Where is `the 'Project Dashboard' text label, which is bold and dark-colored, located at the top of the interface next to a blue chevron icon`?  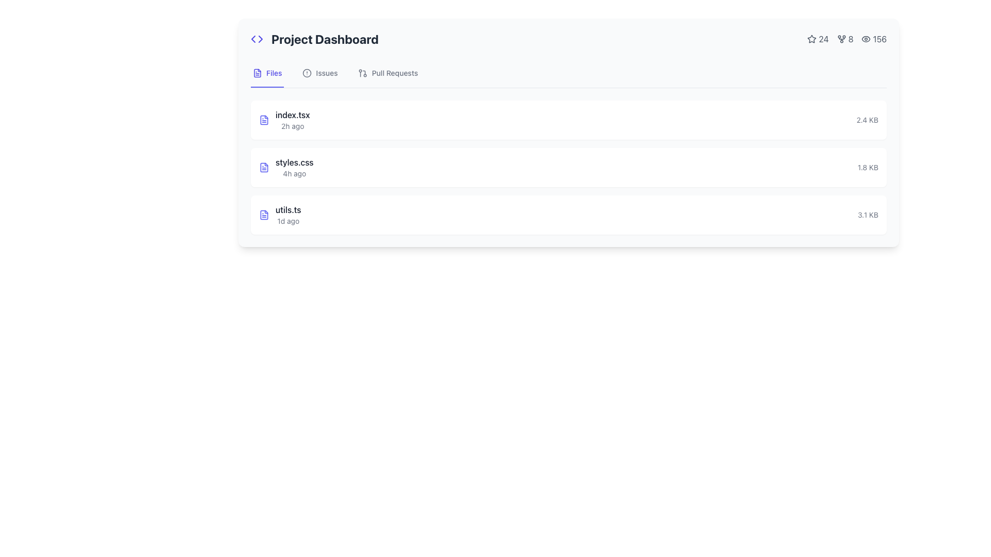
the 'Project Dashboard' text label, which is bold and dark-colored, located at the top of the interface next to a blue chevron icon is located at coordinates (314, 39).